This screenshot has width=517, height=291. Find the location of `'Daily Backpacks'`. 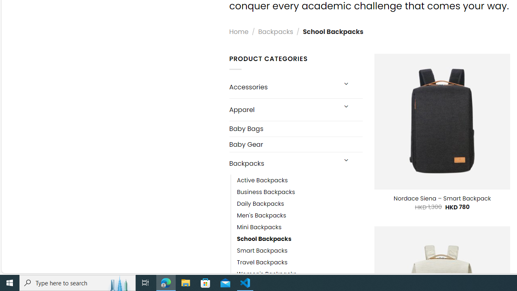

'Daily Backpacks' is located at coordinates (299, 204).